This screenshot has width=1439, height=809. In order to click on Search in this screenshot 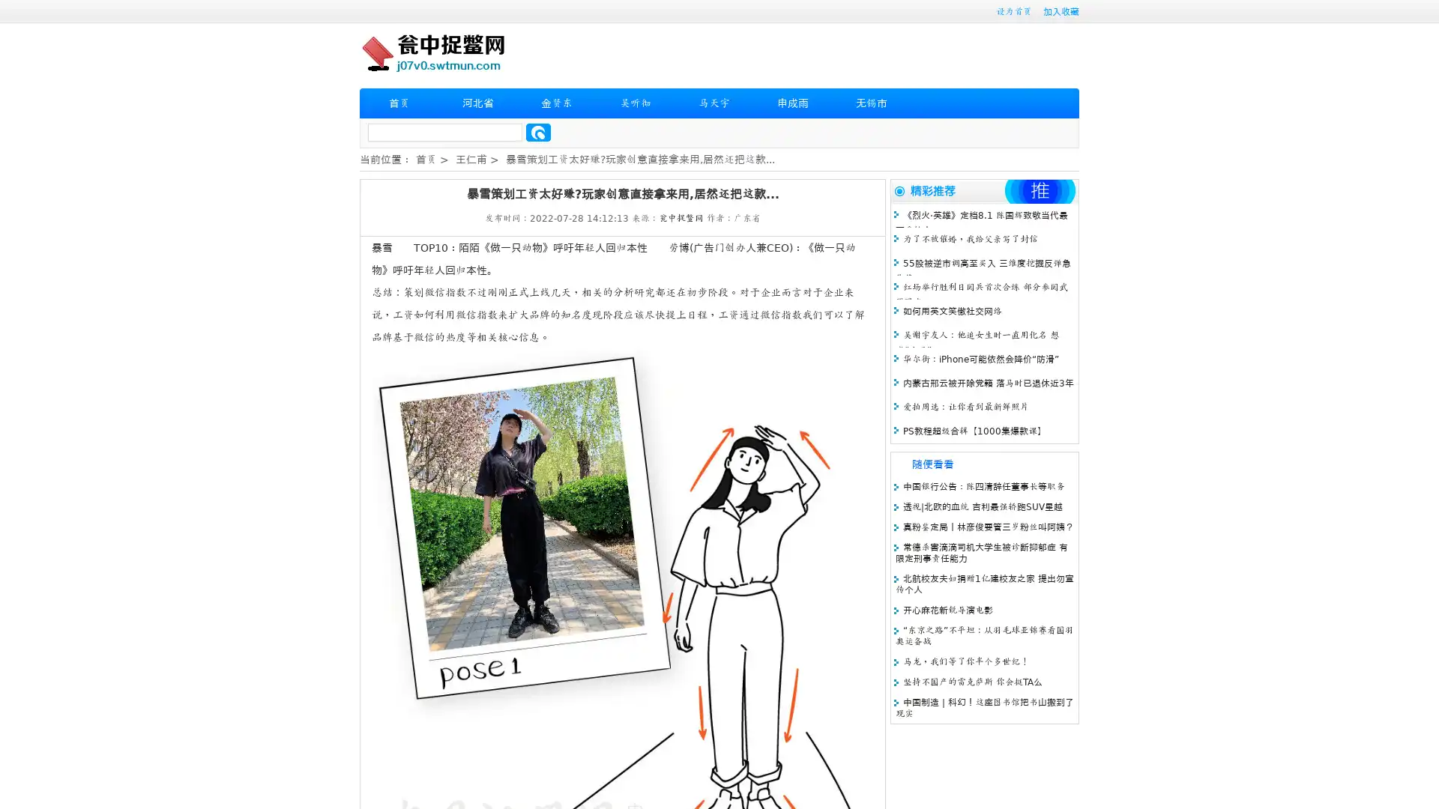, I will do `click(538, 132)`.